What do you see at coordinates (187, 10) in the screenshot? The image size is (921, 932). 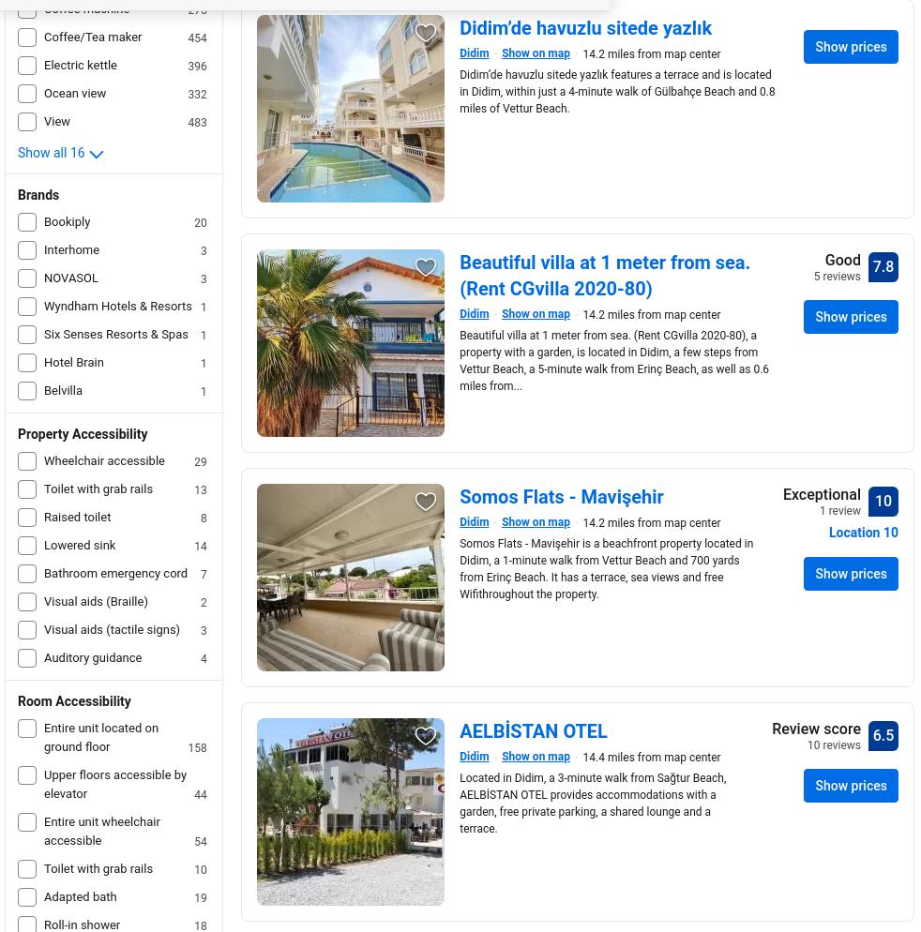 I see `'275'` at bounding box center [187, 10].